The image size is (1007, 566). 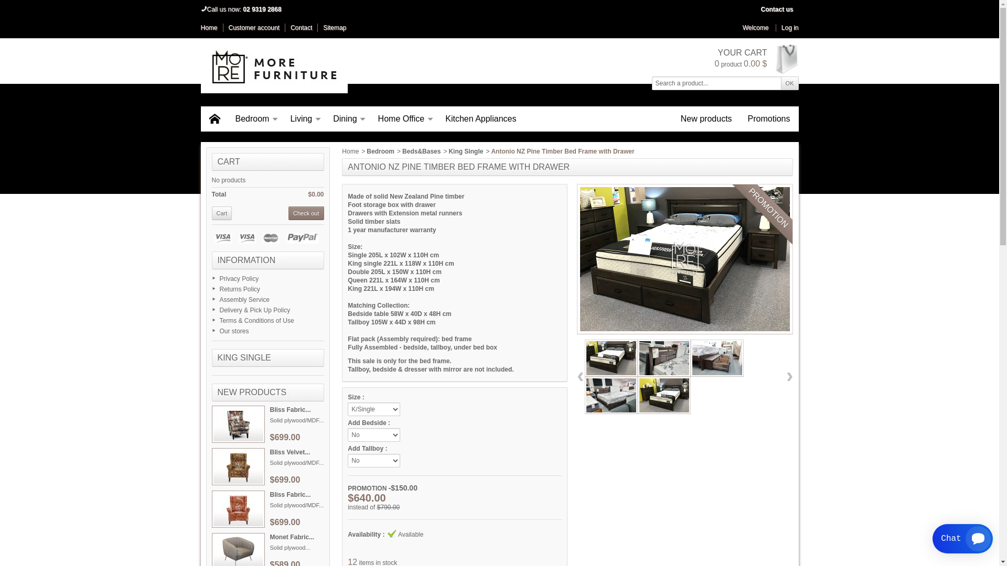 What do you see at coordinates (322, 27) in the screenshot?
I see `'Sitemap'` at bounding box center [322, 27].